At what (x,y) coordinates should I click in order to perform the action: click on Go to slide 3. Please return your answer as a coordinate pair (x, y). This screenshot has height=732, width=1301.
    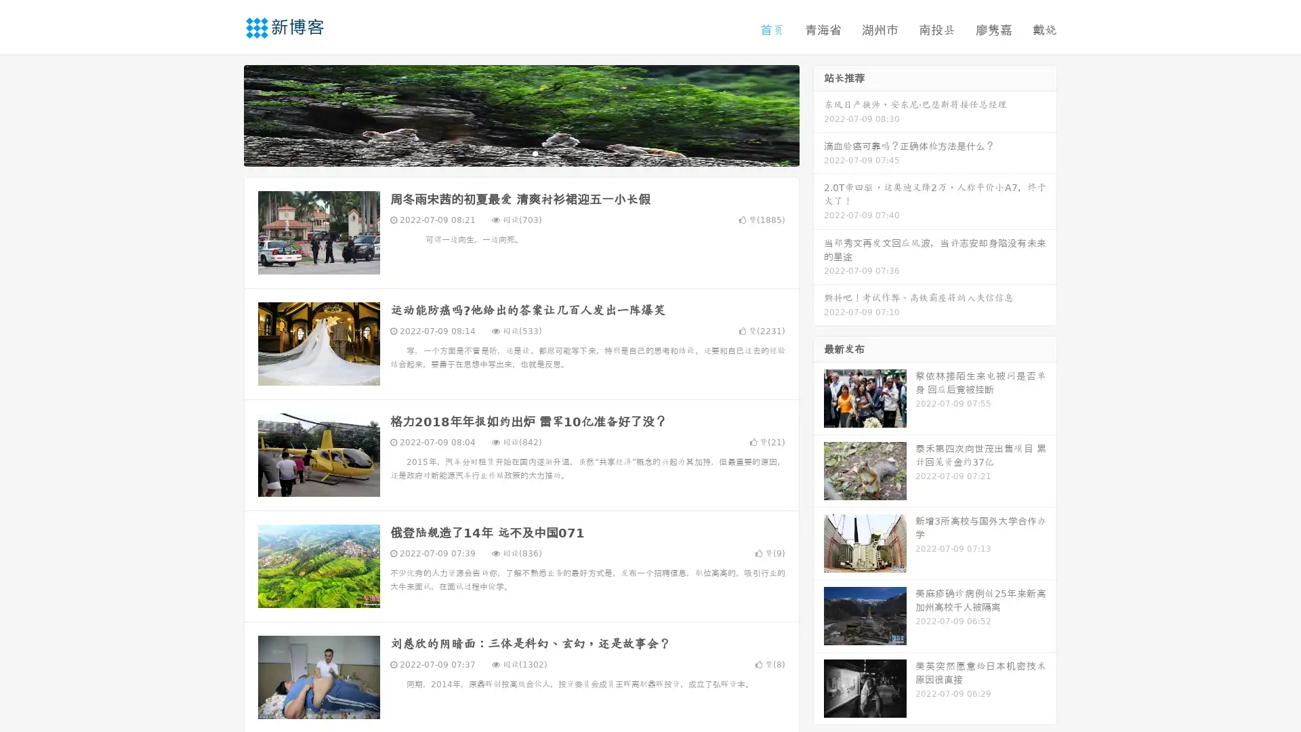
    Looking at the image, I should click on (535, 152).